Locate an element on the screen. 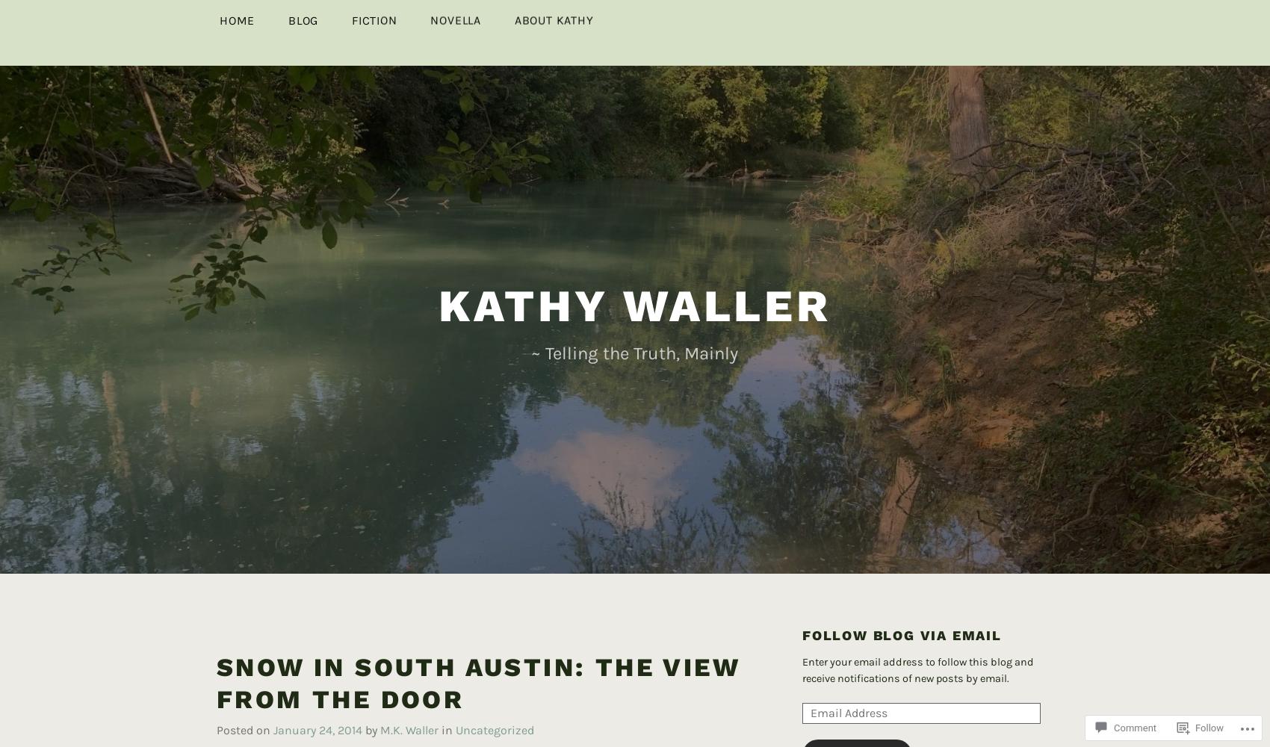  'M.K. Waller' is located at coordinates (380, 704).